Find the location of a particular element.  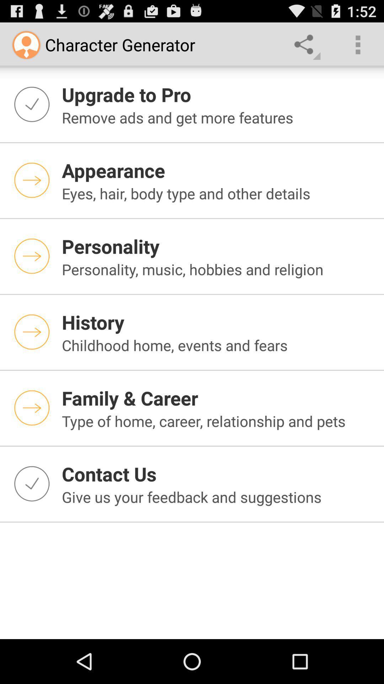

the icon above personality icon is located at coordinates (218, 193).